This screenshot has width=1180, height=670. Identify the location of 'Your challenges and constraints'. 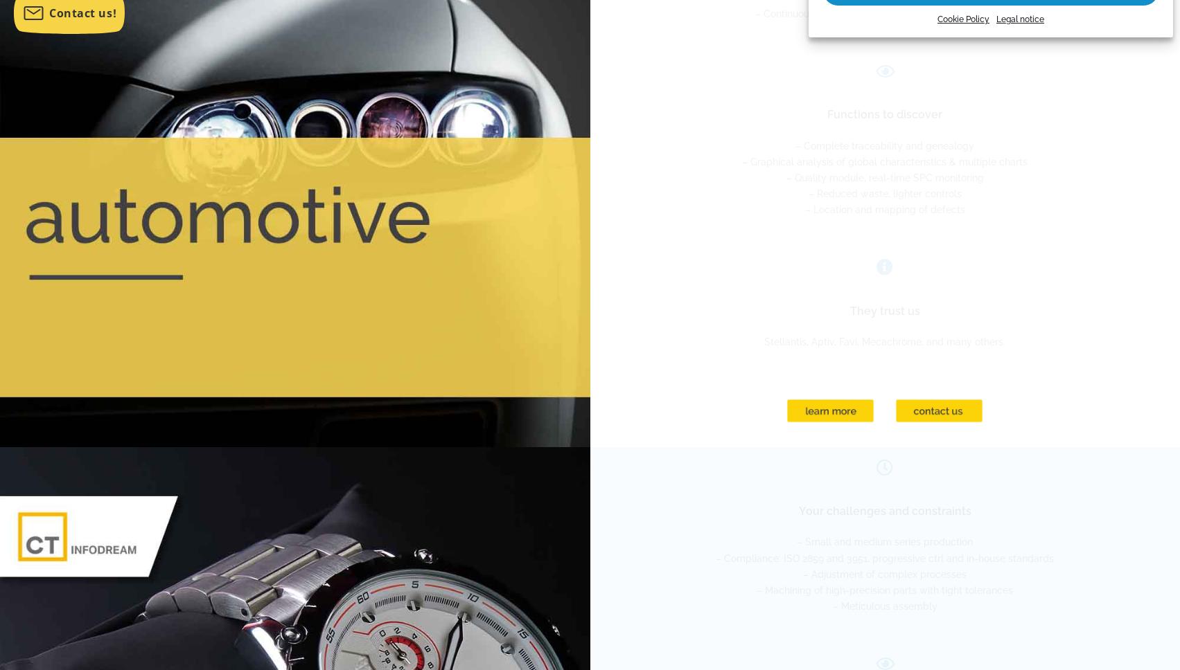
(883, 511).